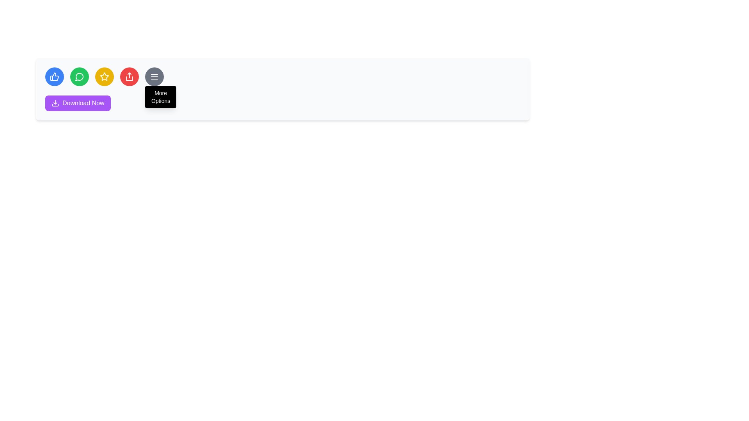  I want to click on the green button that initiates a chat or messaging interface, located to the right of the blue 'thumbs up' button and the yellow star-shaped button, so click(79, 76).